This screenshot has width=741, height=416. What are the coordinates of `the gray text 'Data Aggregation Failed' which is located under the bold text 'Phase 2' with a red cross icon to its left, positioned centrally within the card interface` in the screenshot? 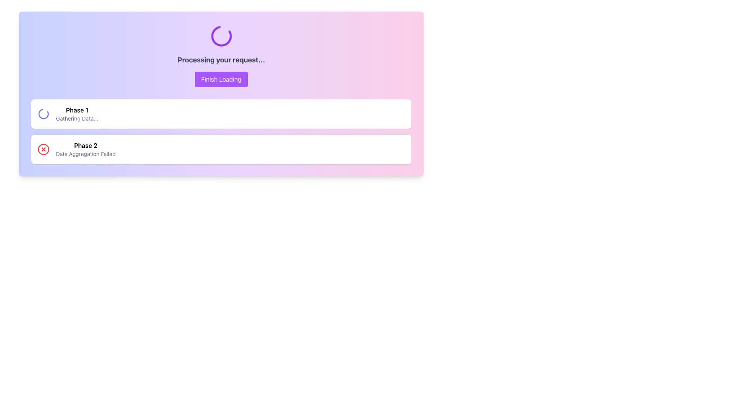 It's located at (86, 154).